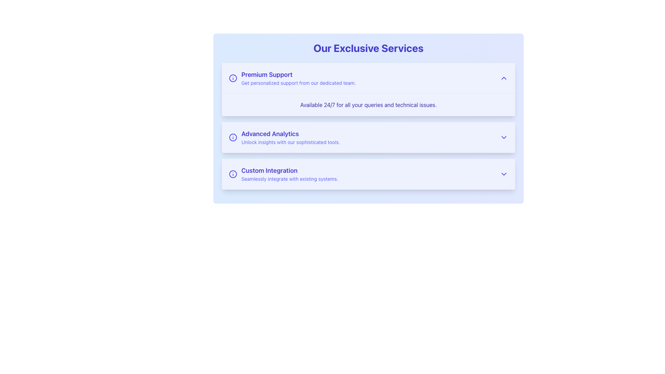 Image resolution: width=665 pixels, height=374 pixels. What do you see at coordinates (368, 105) in the screenshot?
I see `the text label that says 'Available 24/7 for all your queries and technical issues.' located in the Premium Support section` at bounding box center [368, 105].